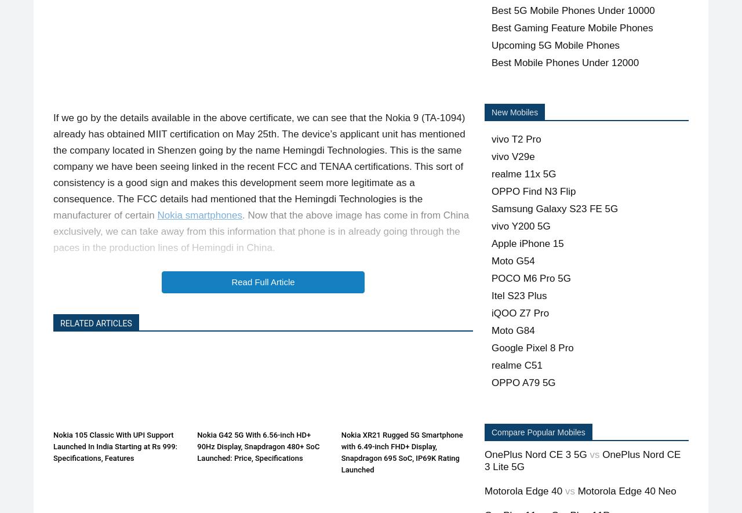 The height and width of the screenshot is (513, 742). Describe the element at coordinates (115, 445) in the screenshot. I see `'Nokia 105 Classic With UPI Support Launched In India Starting at Rs 999: Specifications, Features'` at that location.